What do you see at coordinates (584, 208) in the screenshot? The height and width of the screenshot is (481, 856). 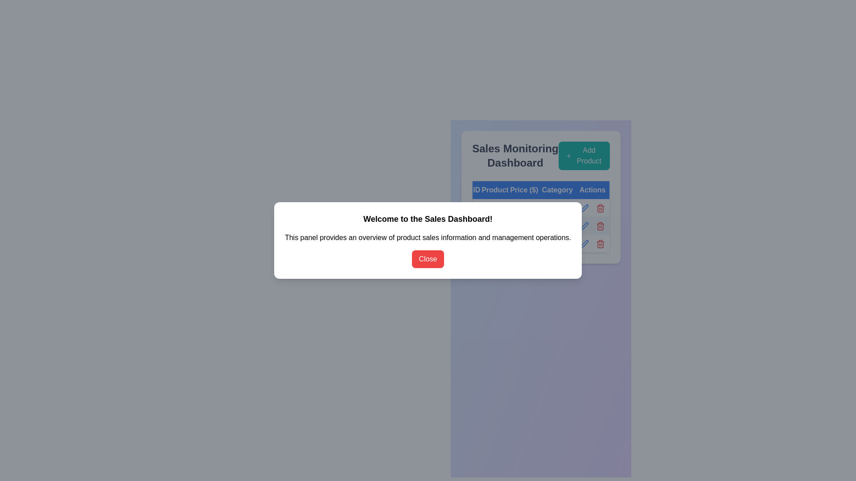 I see `the pen-shaped icon in the 'Actions' column of the Sales Monitoring Dashboard` at bounding box center [584, 208].